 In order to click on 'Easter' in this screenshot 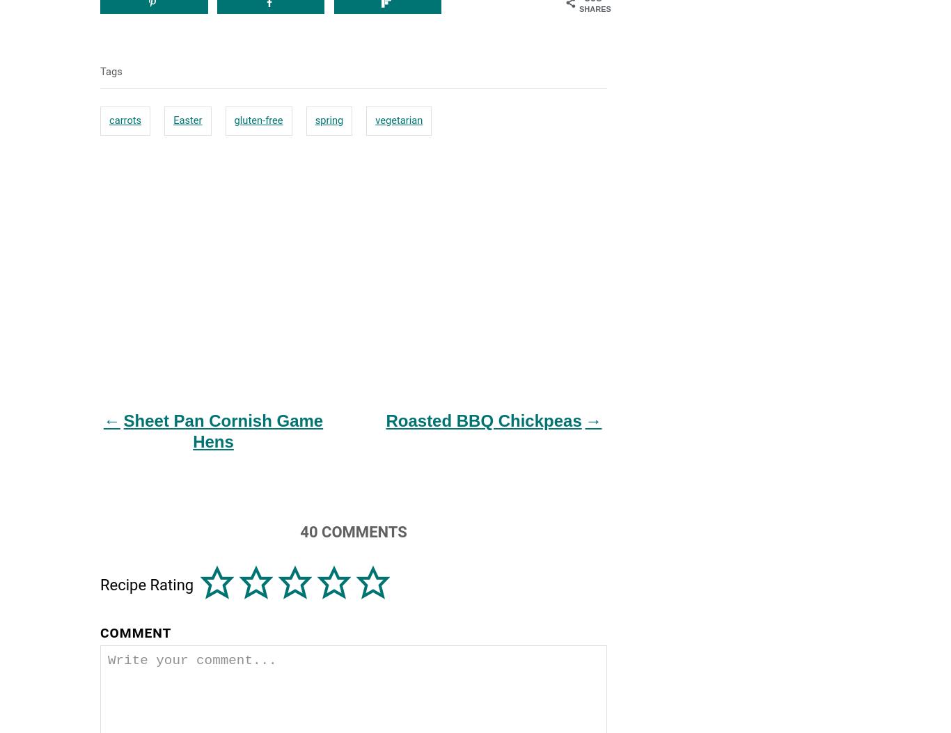, I will do `click(173, 118)`.